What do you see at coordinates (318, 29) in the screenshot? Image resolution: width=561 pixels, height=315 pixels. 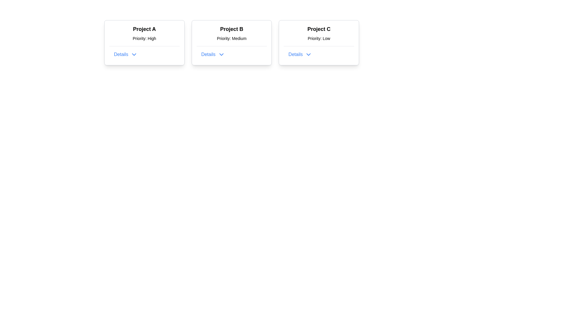 I see `text of the 'Project C' label, which is a bold and prominent headline located at the top of a card layout` at bounding box center [318, 29].